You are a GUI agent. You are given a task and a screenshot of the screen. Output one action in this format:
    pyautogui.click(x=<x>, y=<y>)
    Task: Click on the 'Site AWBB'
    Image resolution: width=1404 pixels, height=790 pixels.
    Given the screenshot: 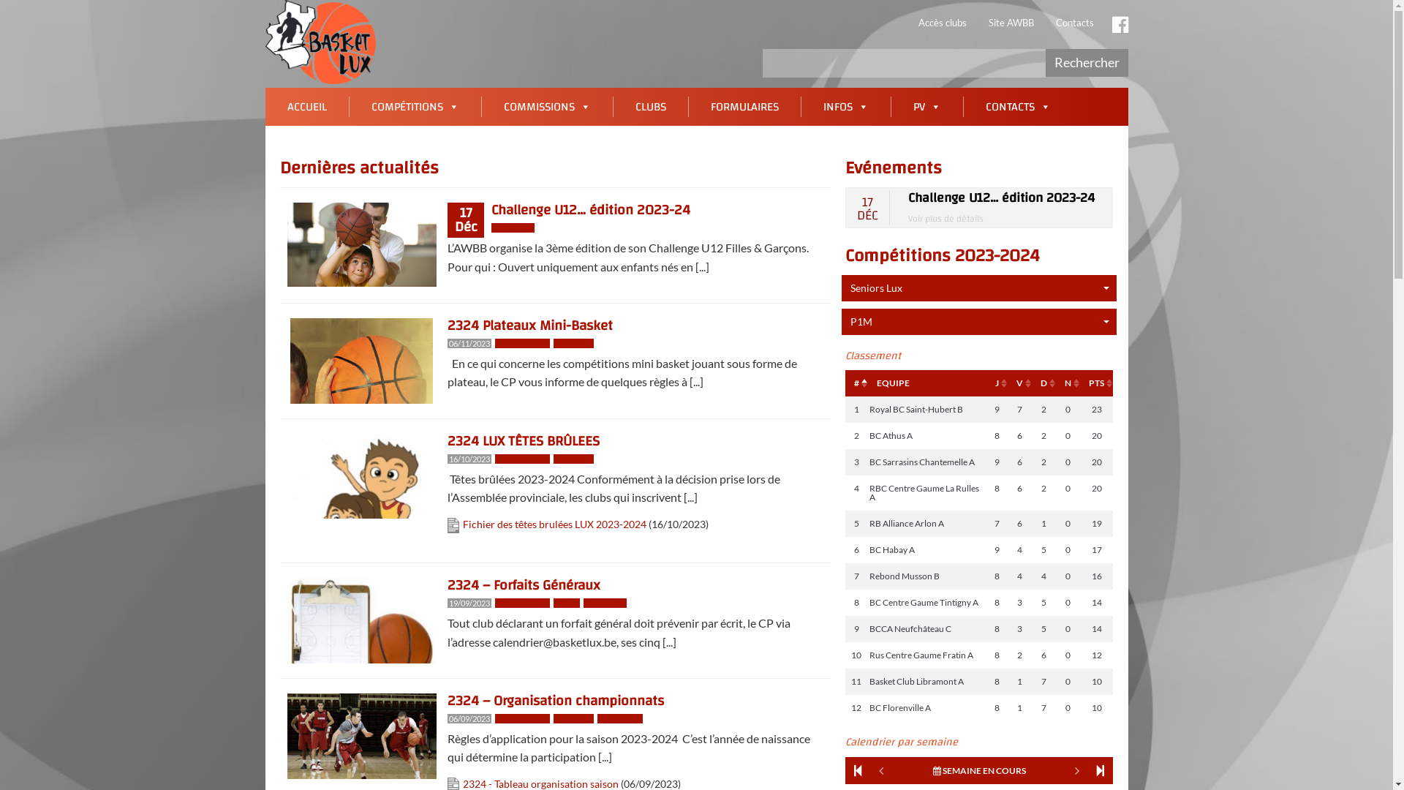 What is the action you would take?
    pyautogui.click(x=1010, y=22)
    